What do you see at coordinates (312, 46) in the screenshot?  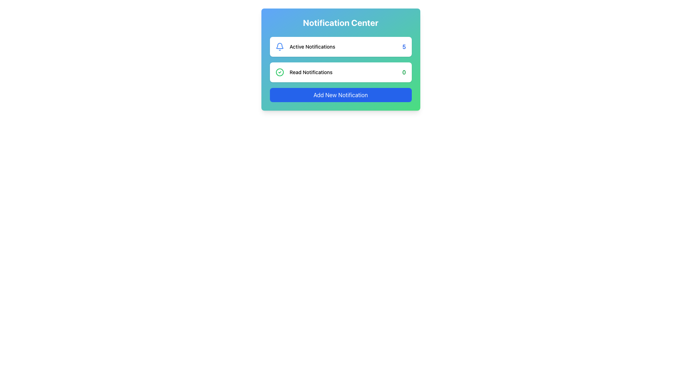 I see `the Text Label that describes the notification category, positioned to the right of the bell icon in the first row of the notification list` at bounding box center [312, 46].